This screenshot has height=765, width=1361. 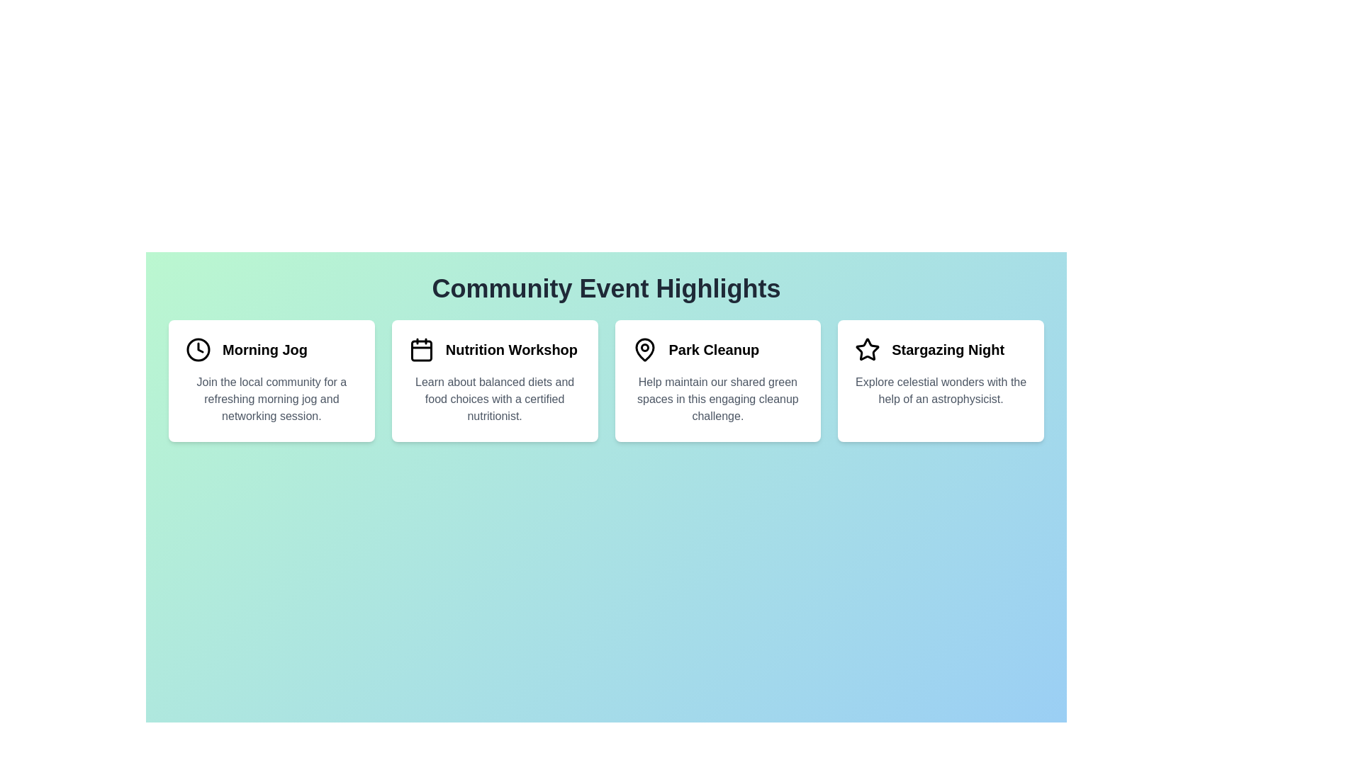 What do you see at coordinates (644, 347) in the screenshot?
I see `the circular dot representing the focus point within the 'Park Cleanup' icon, located at the center of the pin graphic in the second card from the right` at bounding box center [644, 347].